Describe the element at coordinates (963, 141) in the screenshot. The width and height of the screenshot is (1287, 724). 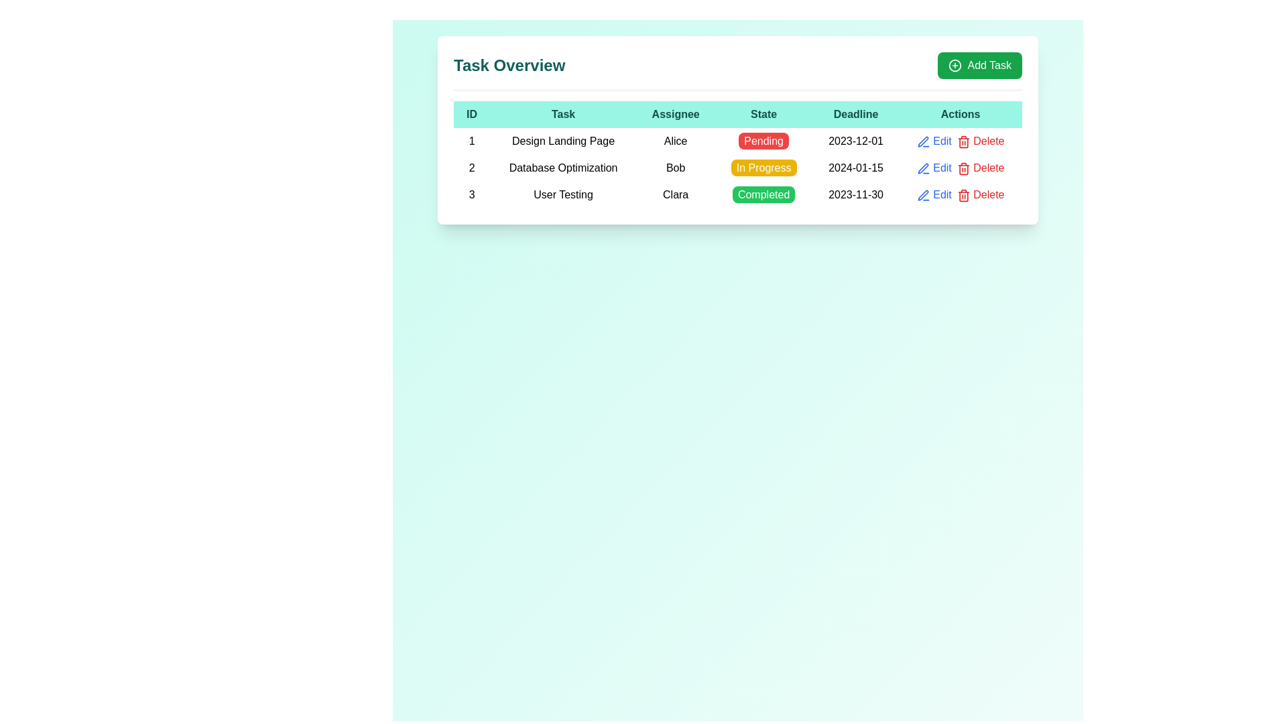
I see `the trash icon located in the first row under the 'Actions' column in the table to initiate the delete action` at that location.